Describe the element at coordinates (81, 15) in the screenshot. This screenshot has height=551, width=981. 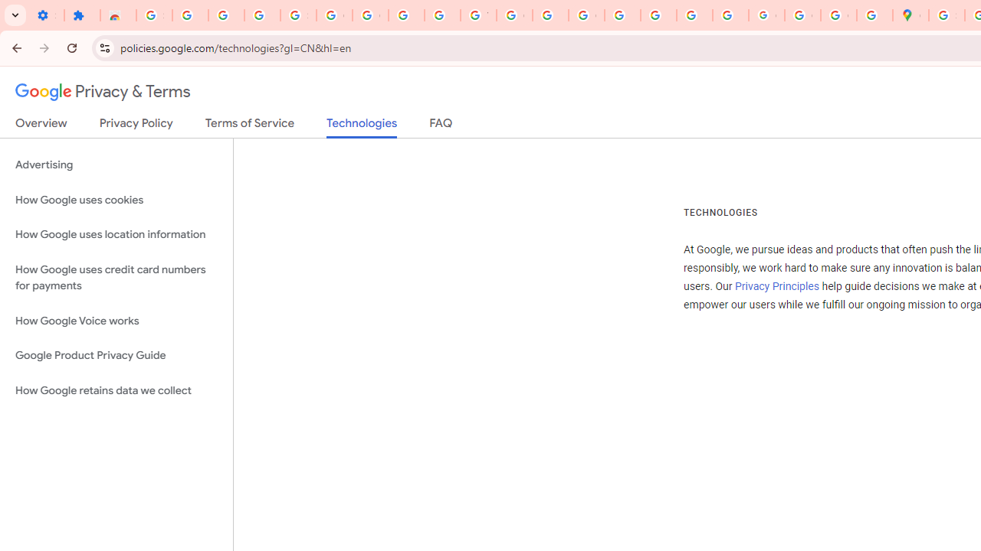
I see `'Extensions'` at that location.